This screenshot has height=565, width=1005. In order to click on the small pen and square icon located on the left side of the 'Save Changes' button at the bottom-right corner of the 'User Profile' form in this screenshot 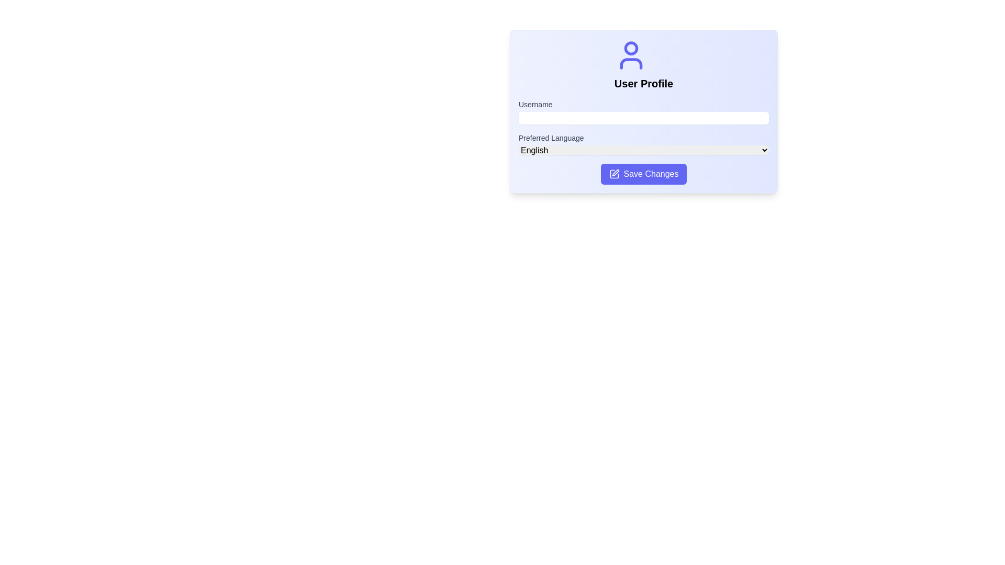, I will do `click(614, 173)`.